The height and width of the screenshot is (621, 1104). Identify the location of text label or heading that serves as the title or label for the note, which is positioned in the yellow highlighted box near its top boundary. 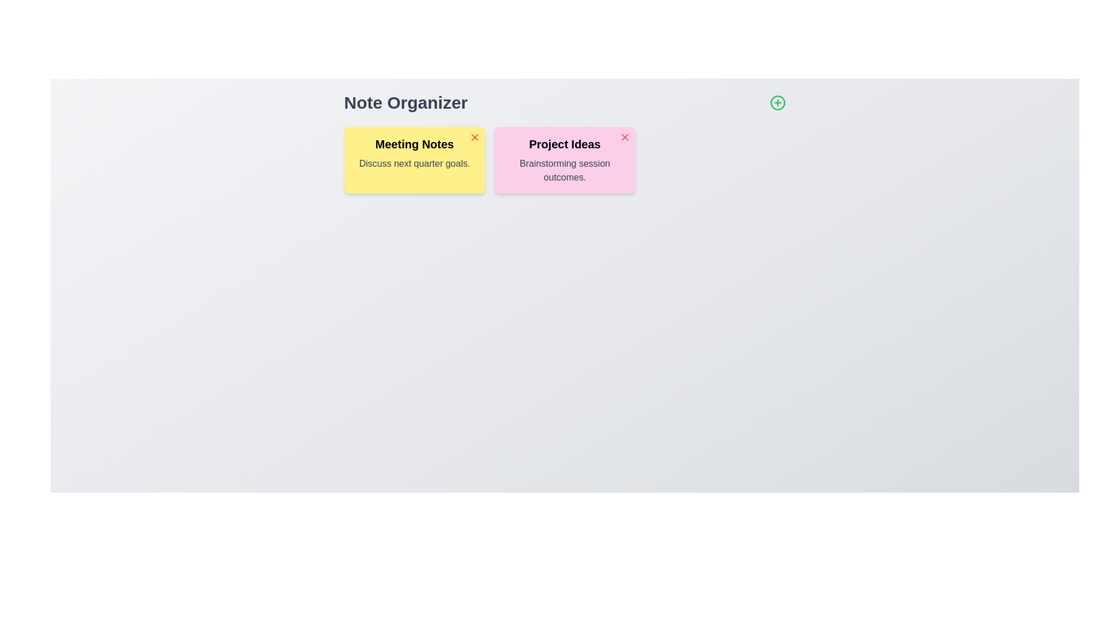
(414, 143).